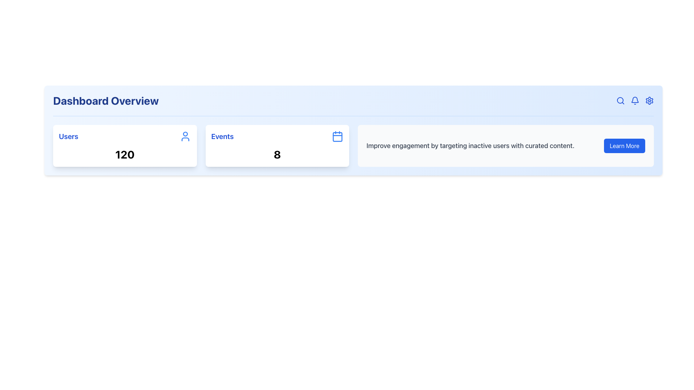  Describe the element at coordinates (277, 146) in the screenshot. I see `the 'Events' summary card, which is the second card in a horizontal arrangement of three cards, located between the 'Users' card and a promotional content card` at that location.